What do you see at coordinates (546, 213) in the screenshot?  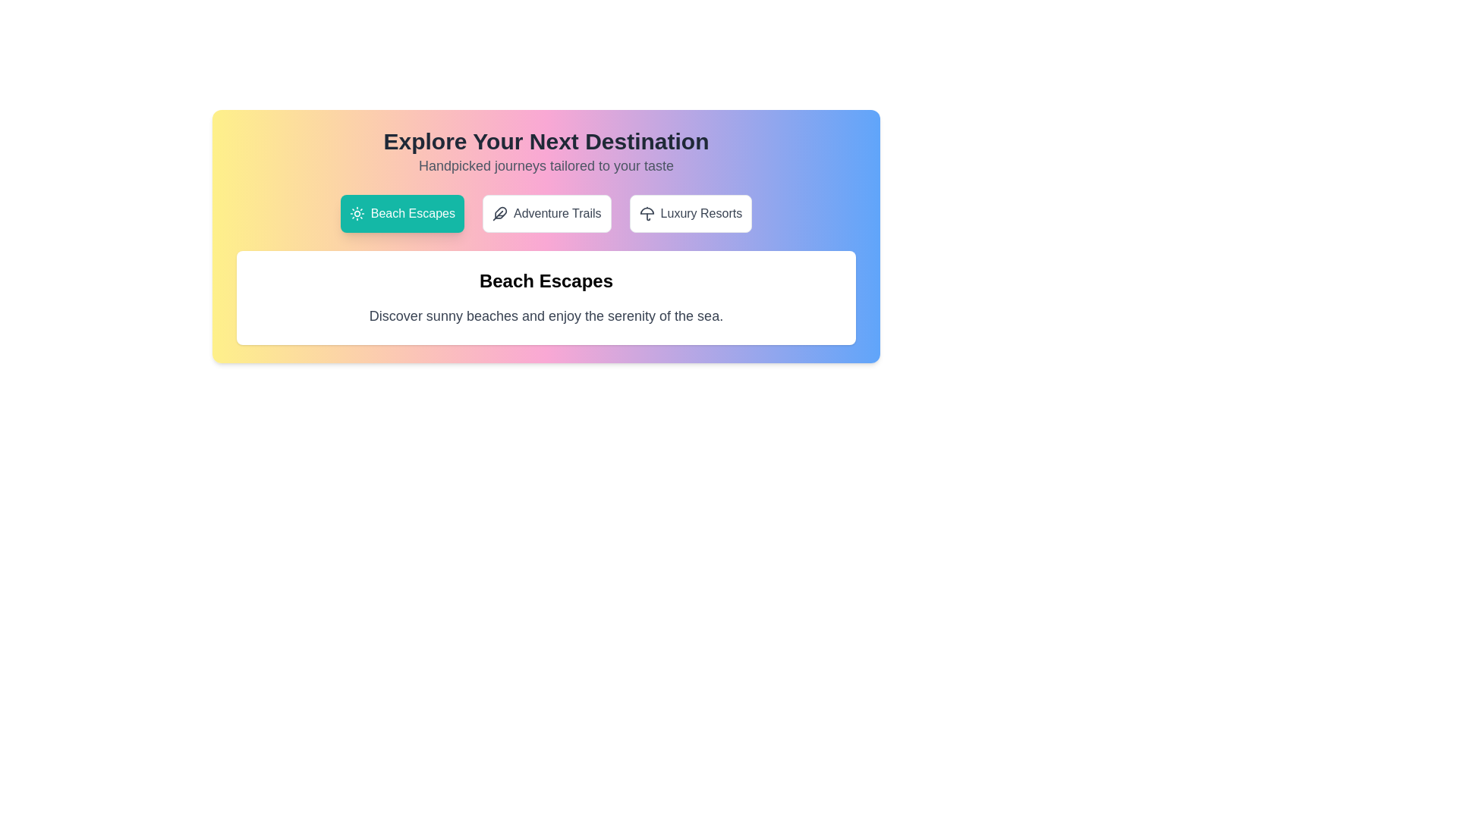 I see `the tab labeled 'Adventure Trails'` at bounding box center [546, 213].